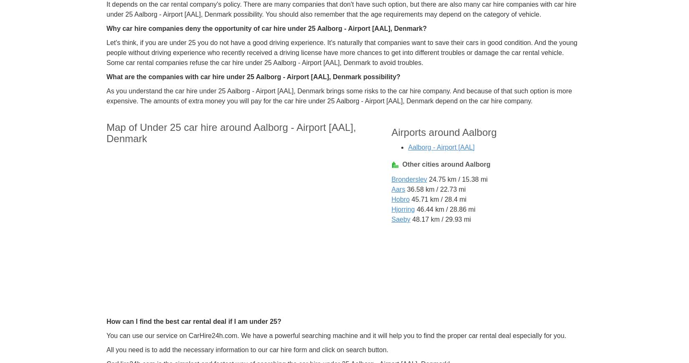 The width and height of the screenshot is (689, 363). Describe the element at coordinates (106, 9) in the screenshot. I see `'It depends on the car rental company's policy. There are many companies that don't have such option, but there are also many car hire companies with car hire under 25 Aalborg - Airport [AAL], Denmark possibility. You should also remember that the age requirements may depend on the category of vehicle.'` at that location.